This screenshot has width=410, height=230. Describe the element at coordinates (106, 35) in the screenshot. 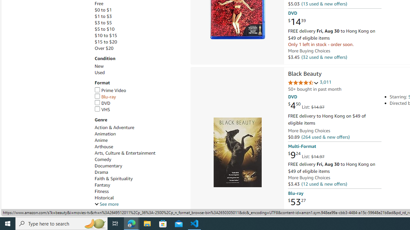

I see `'$10 to $15'` at that location.